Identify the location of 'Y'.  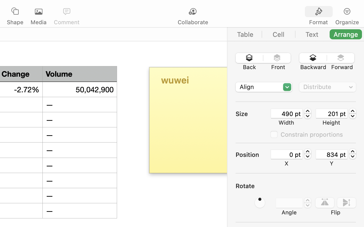
(331, 163).